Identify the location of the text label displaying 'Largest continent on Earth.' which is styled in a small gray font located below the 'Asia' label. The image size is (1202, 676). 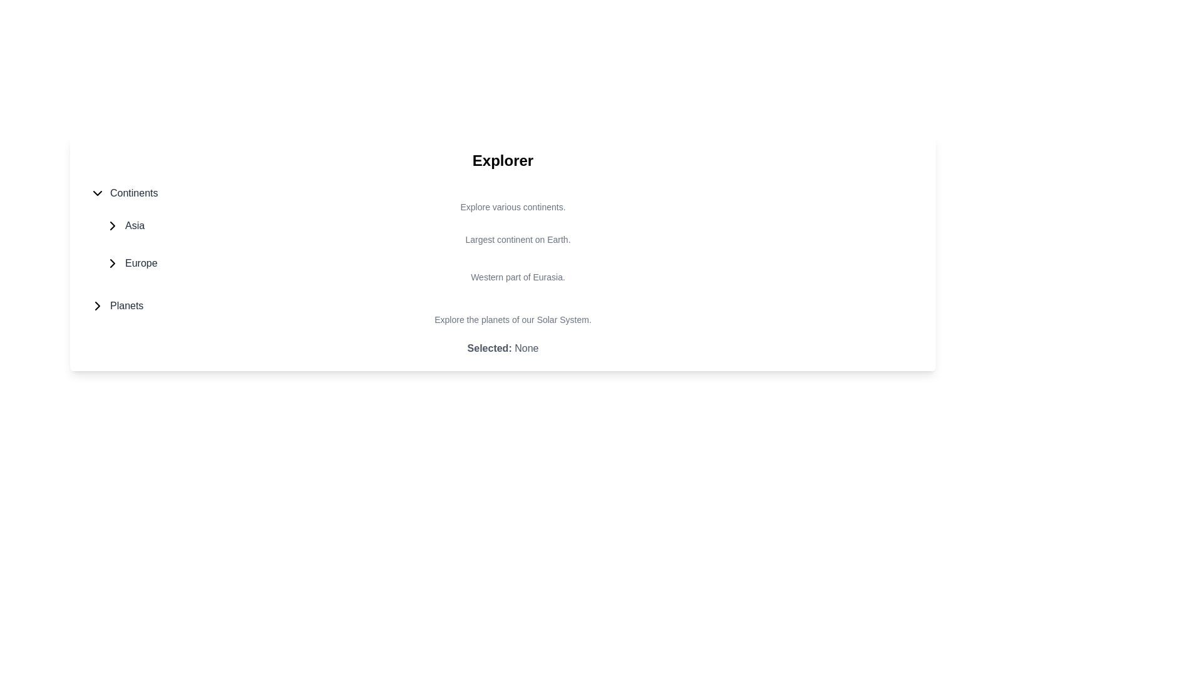
(508, 239).